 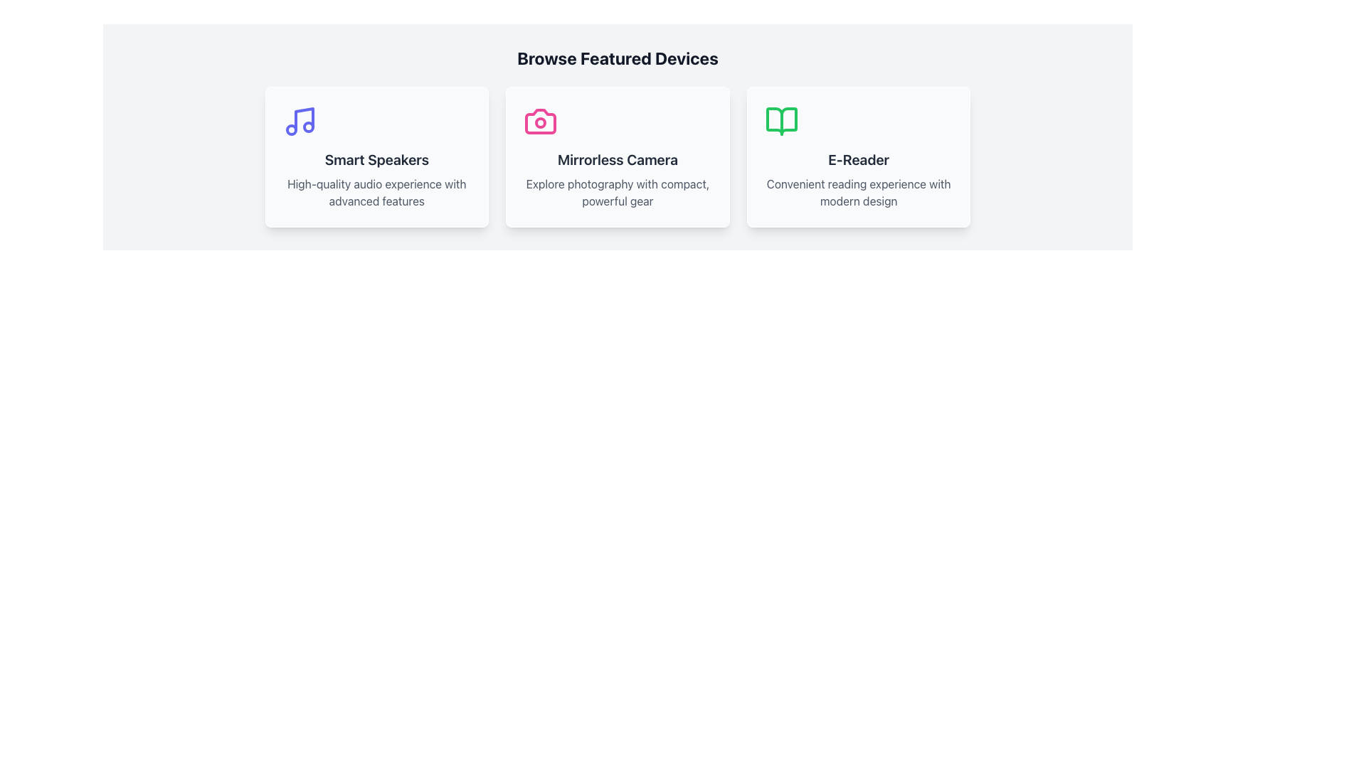 I want to click on the text description that reads 'High-quality audio experience with advanced features.' located beneath the title 'Smart Speakers.', so click(x=376, y=192).